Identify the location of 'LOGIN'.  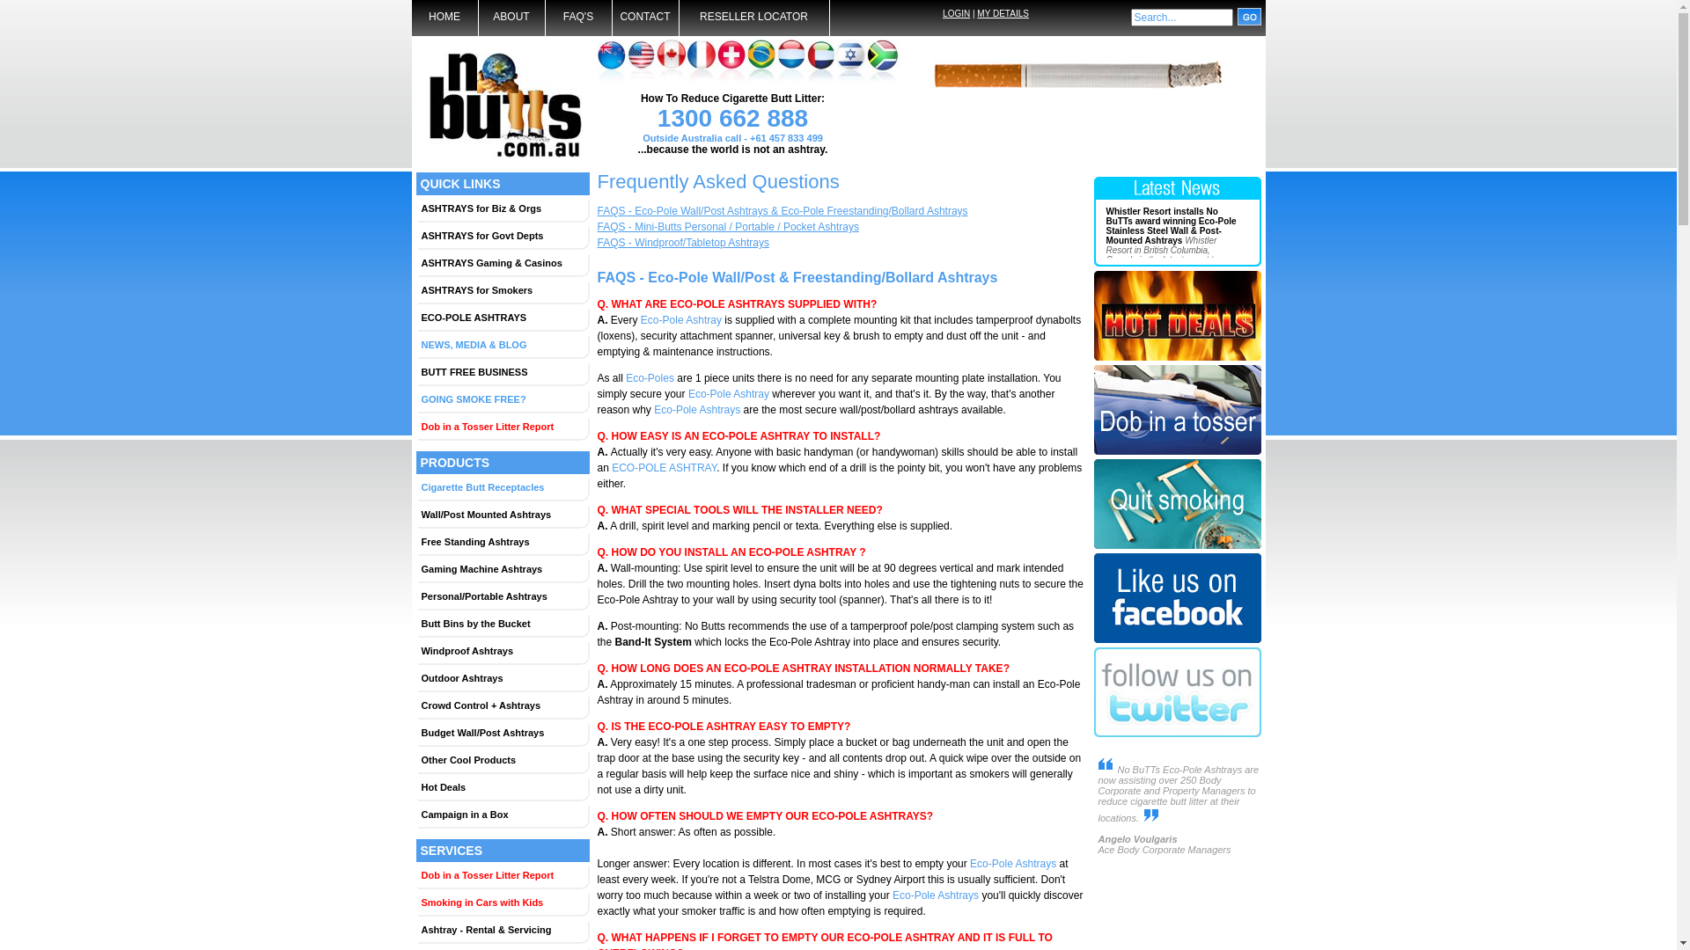
(955, 13).